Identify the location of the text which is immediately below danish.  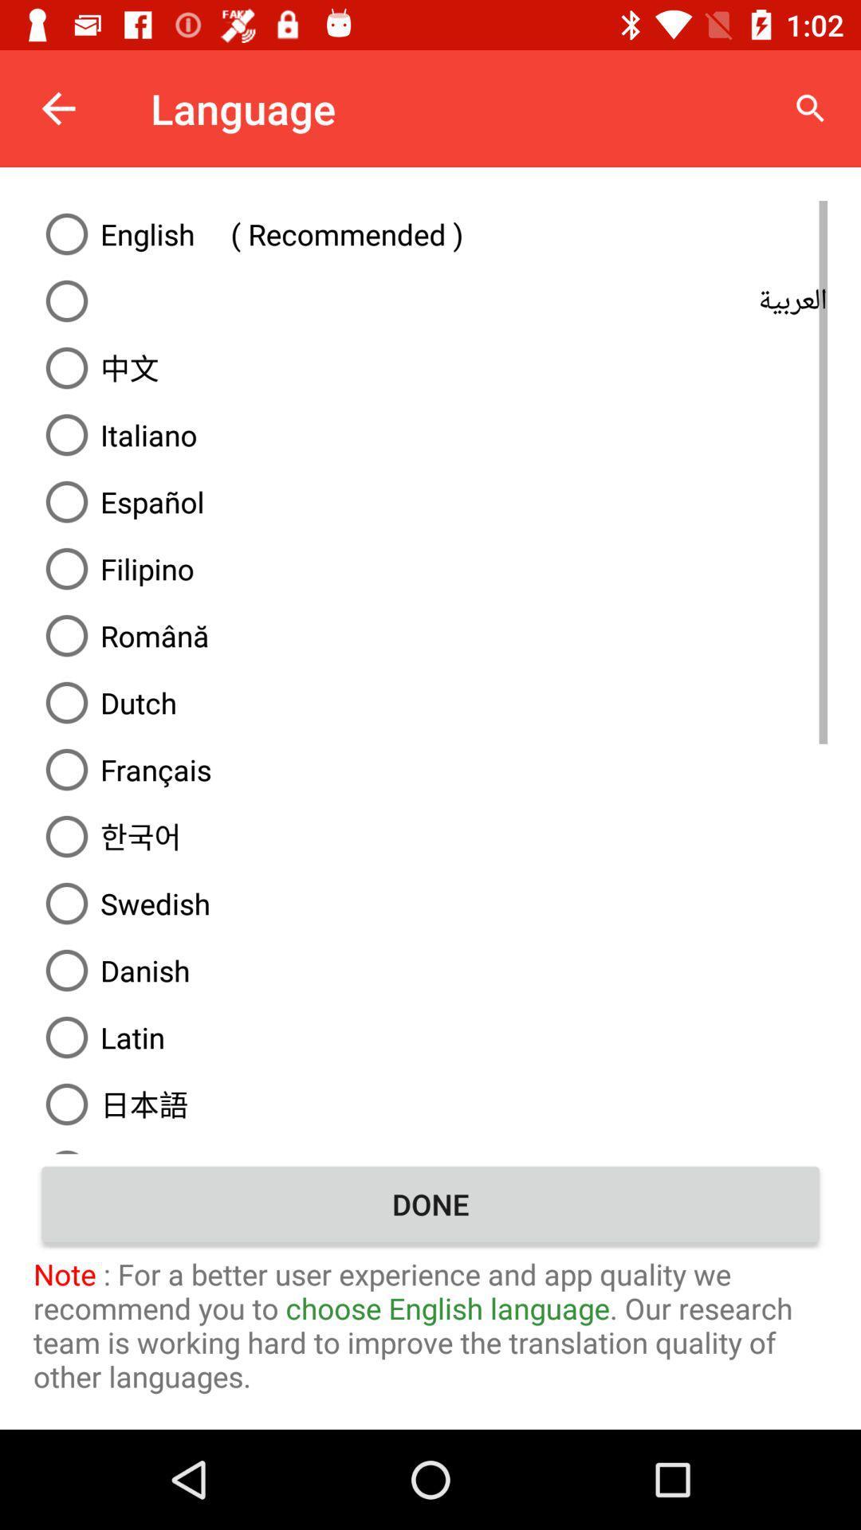
(431, 1037).